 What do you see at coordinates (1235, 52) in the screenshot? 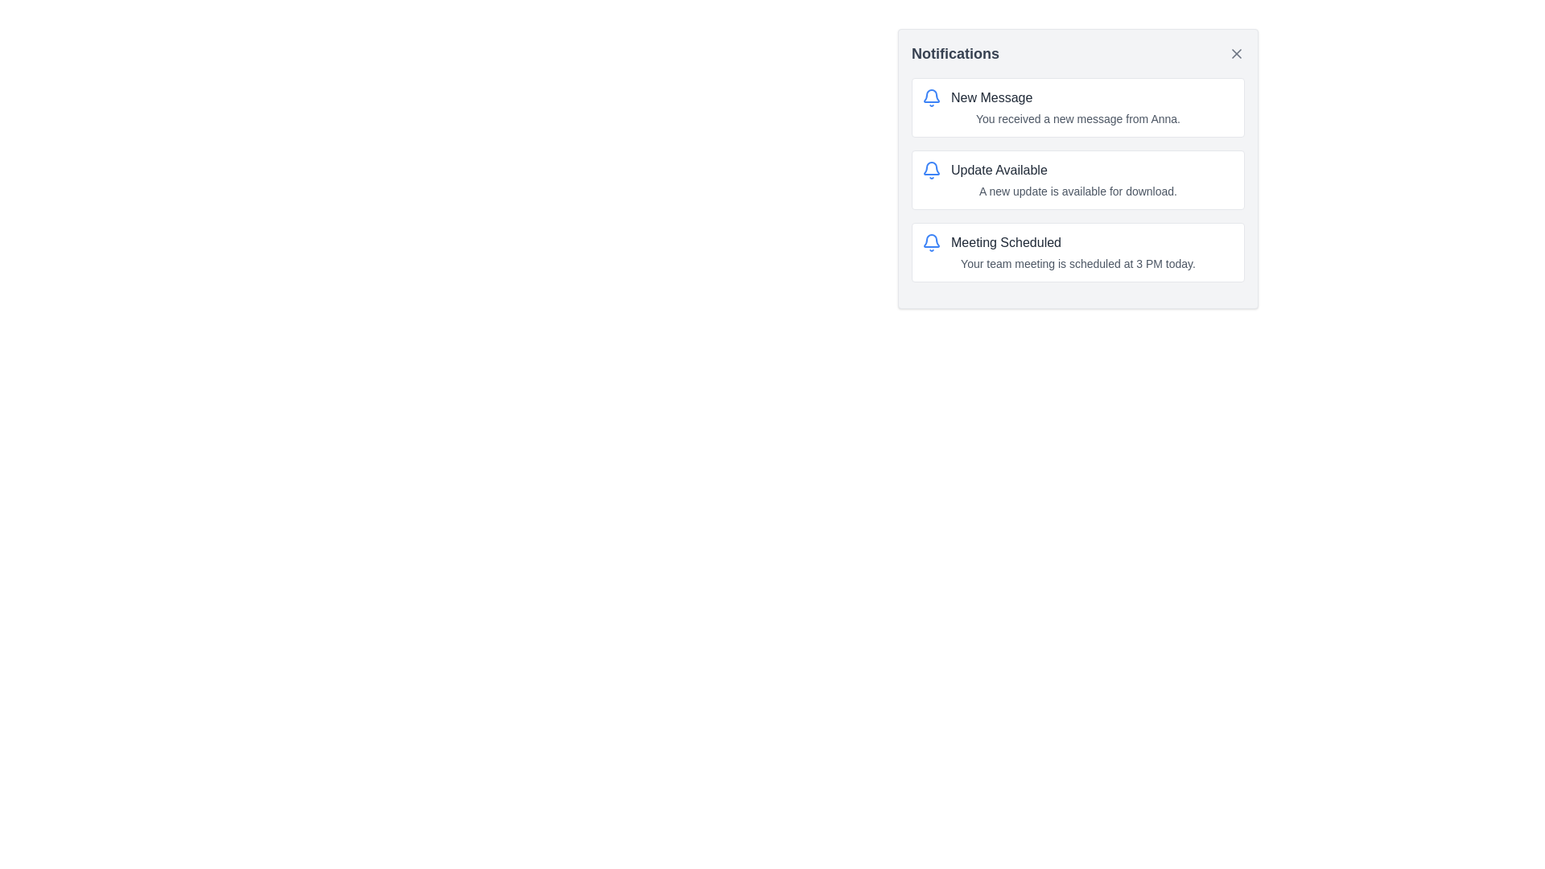
I see `the close button located at the top-right corner of the notification header section to change its color` at bounding box center [1235, 52].